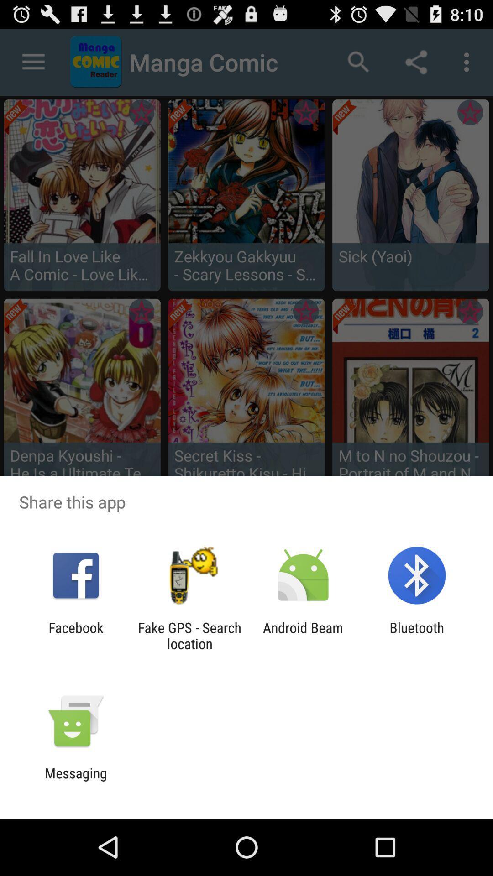  What do you see at coordinates (417, 635) in the screenshot?
I see `bluetooth` at bounding box center [417, 635].